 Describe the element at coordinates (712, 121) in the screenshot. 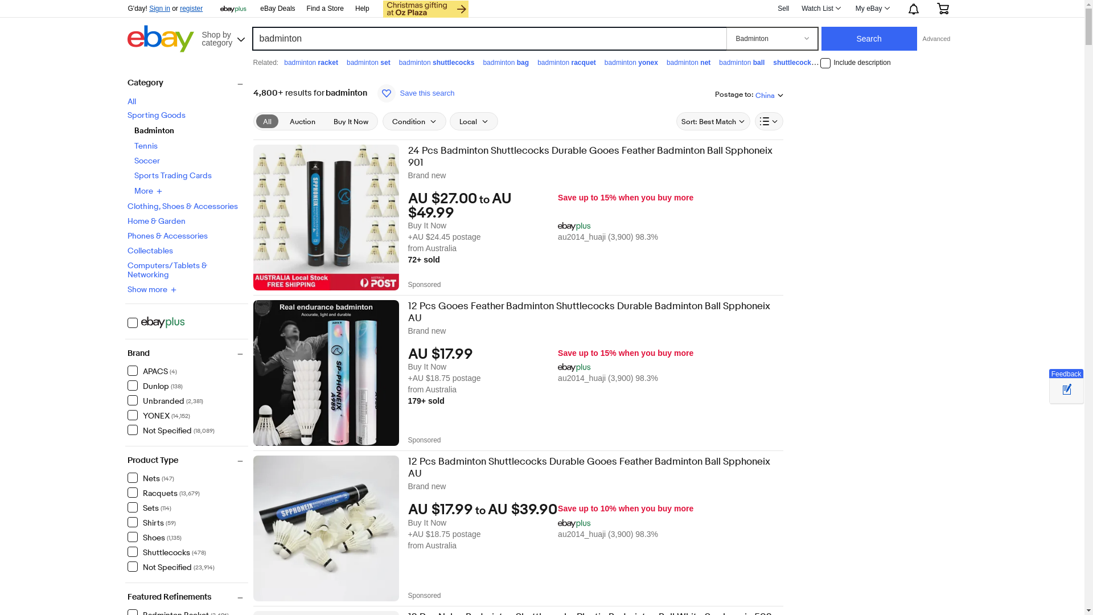

I see `'Sort: Best Match'` at that location.